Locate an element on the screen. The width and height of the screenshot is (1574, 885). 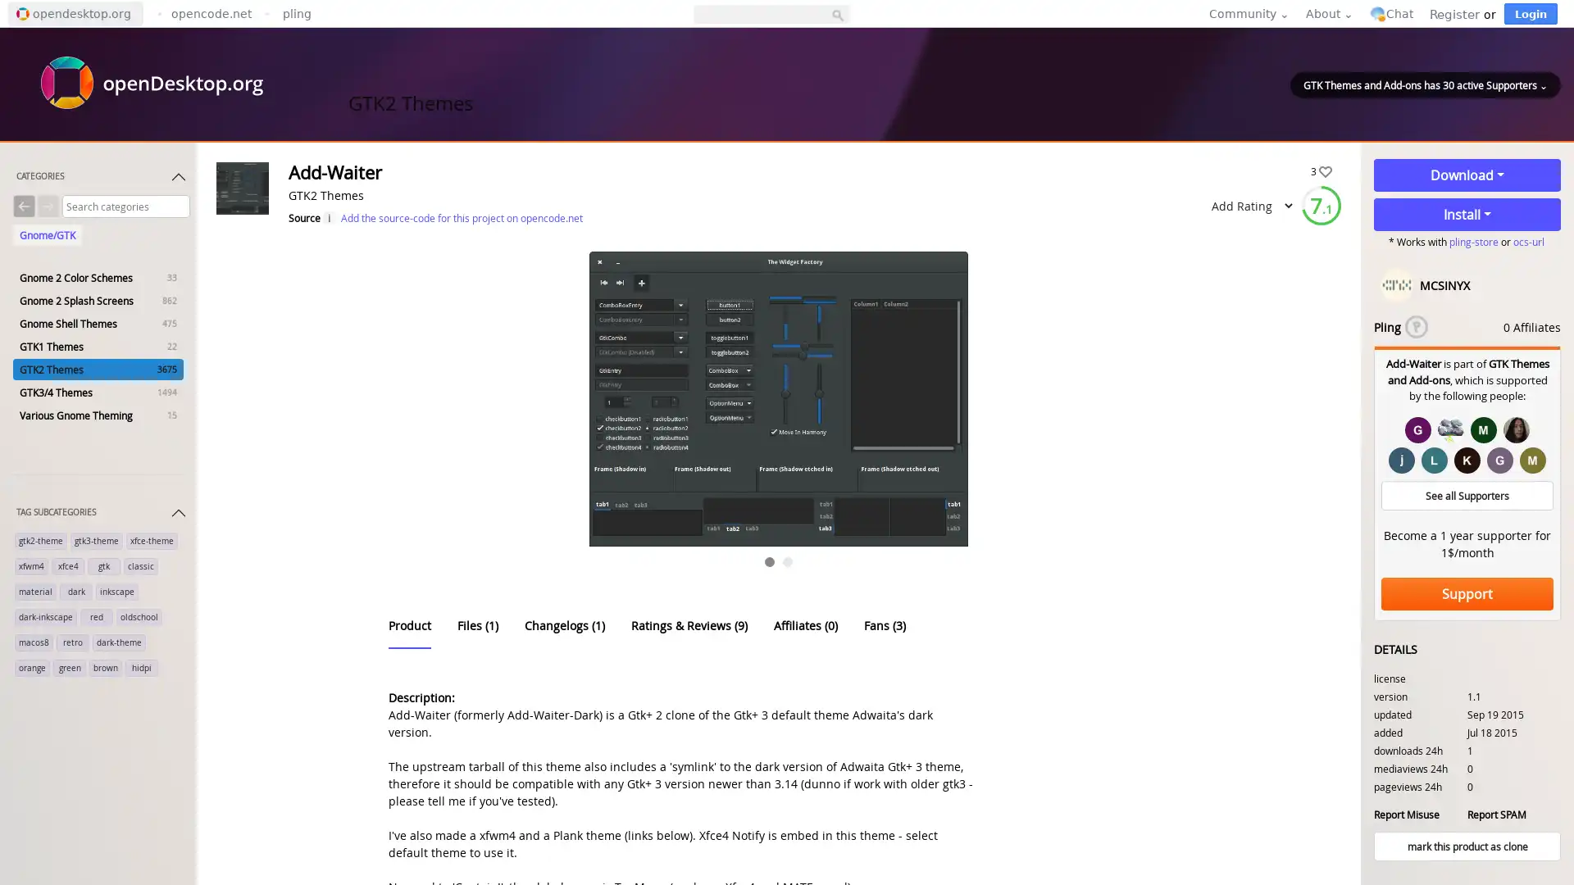
Install is located at coordinates (1467, 214).